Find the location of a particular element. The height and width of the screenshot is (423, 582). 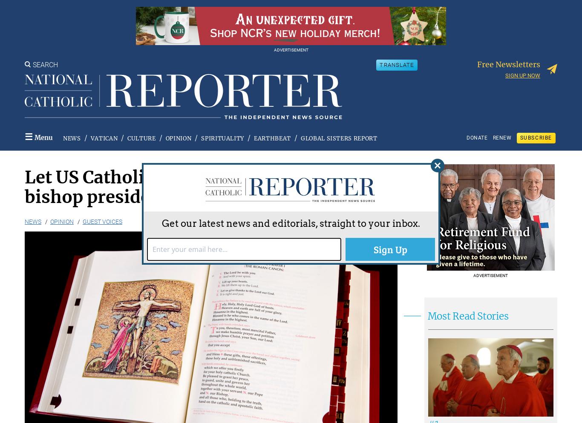

'Guest Voices' is located at coordinates (82, 221).